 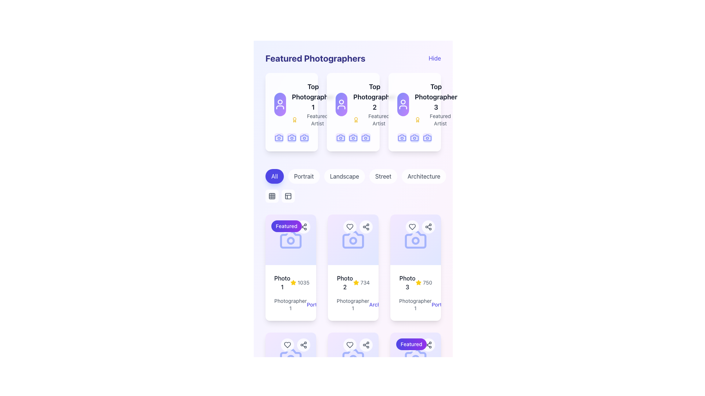 What do you see at coordinates (317, 120) in the screenshot?
I see `the text label reading 'Featured Artist', which is styled in gray and positioned below 'Top Photographer 1' within the featured card layout` at bounding box center [317, 120].